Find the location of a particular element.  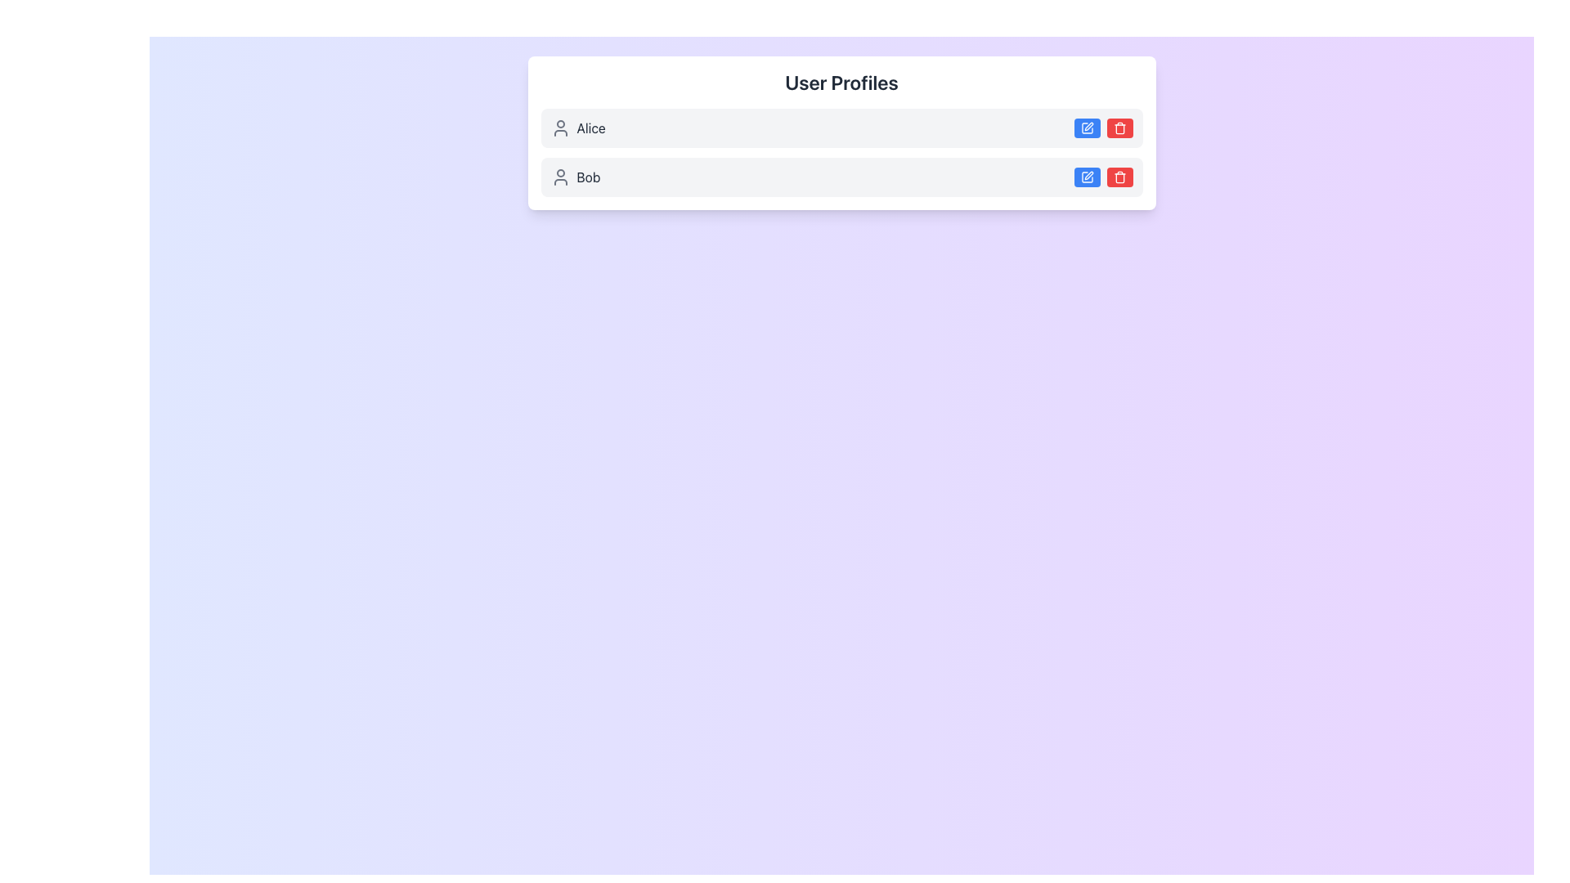

the text label displaying the user's name for the first user profile listed under the 'User Profiles' section is located at coordinates (590, 128).